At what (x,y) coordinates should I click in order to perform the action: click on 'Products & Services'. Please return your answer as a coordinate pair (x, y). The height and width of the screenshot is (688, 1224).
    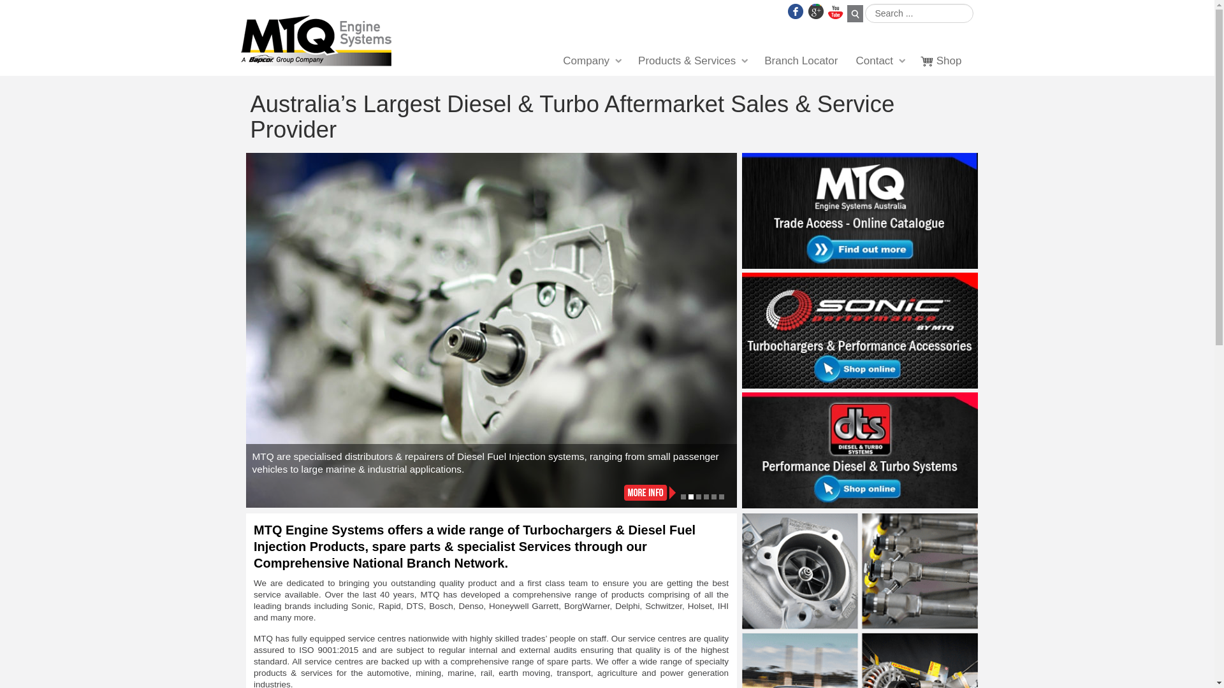
    Looking at the image, I should click on (691, 61).